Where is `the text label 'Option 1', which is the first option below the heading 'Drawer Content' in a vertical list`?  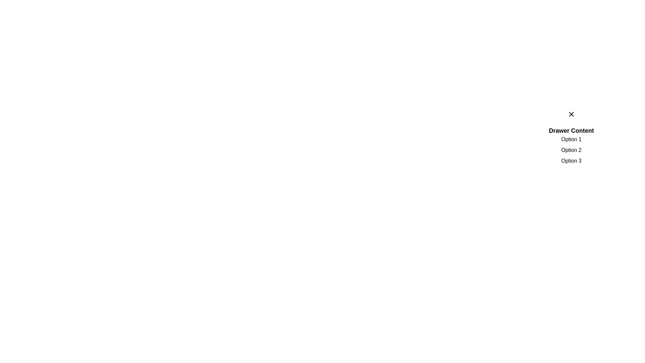 the text label 'Option 1', which is the first option below the heading 'Drawer Content' in a vertical list is located at coordinates (571, 139).